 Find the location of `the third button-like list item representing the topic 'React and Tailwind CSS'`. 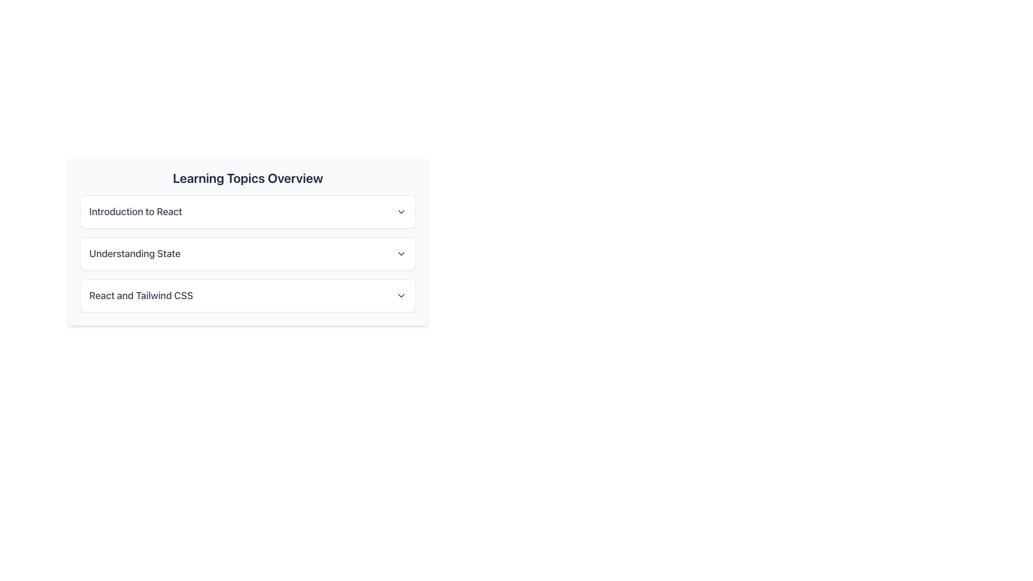

the third button-like list item representing the topic 'React and Tailwind CSS' is located at coordinates (247, 296).